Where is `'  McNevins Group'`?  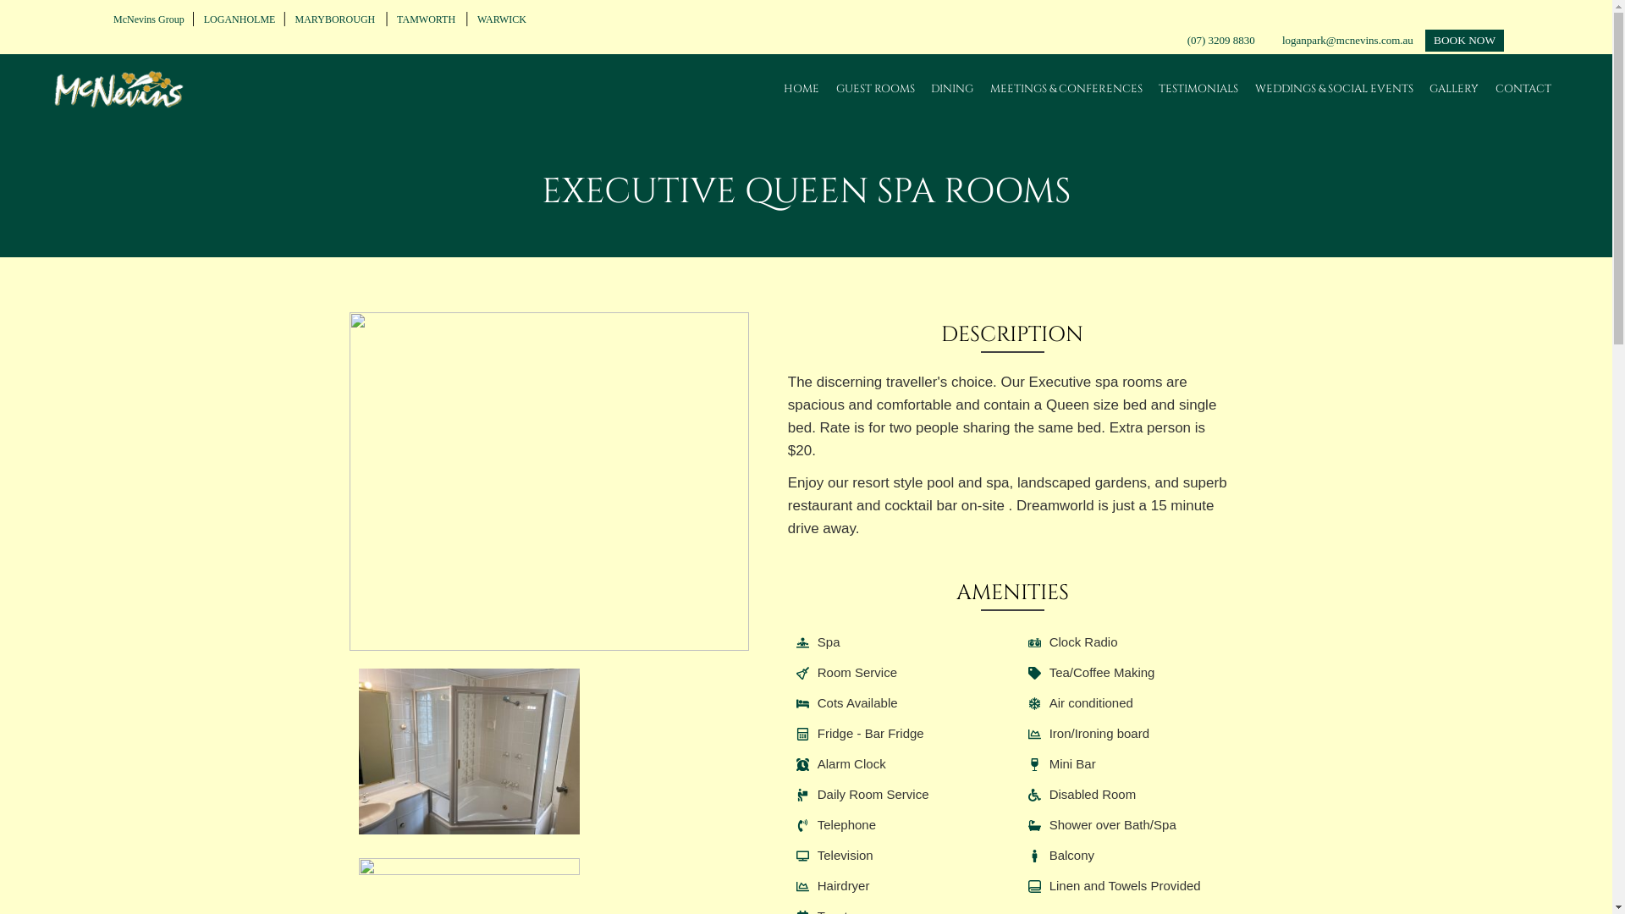 '  McNevins Group' is located at coordinates (146, 19).